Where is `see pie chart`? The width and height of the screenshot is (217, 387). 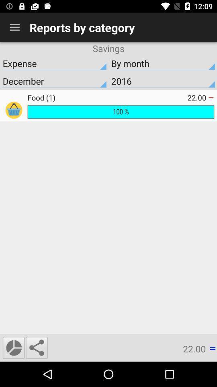
see pie chart is located at coordinates (13, 347).